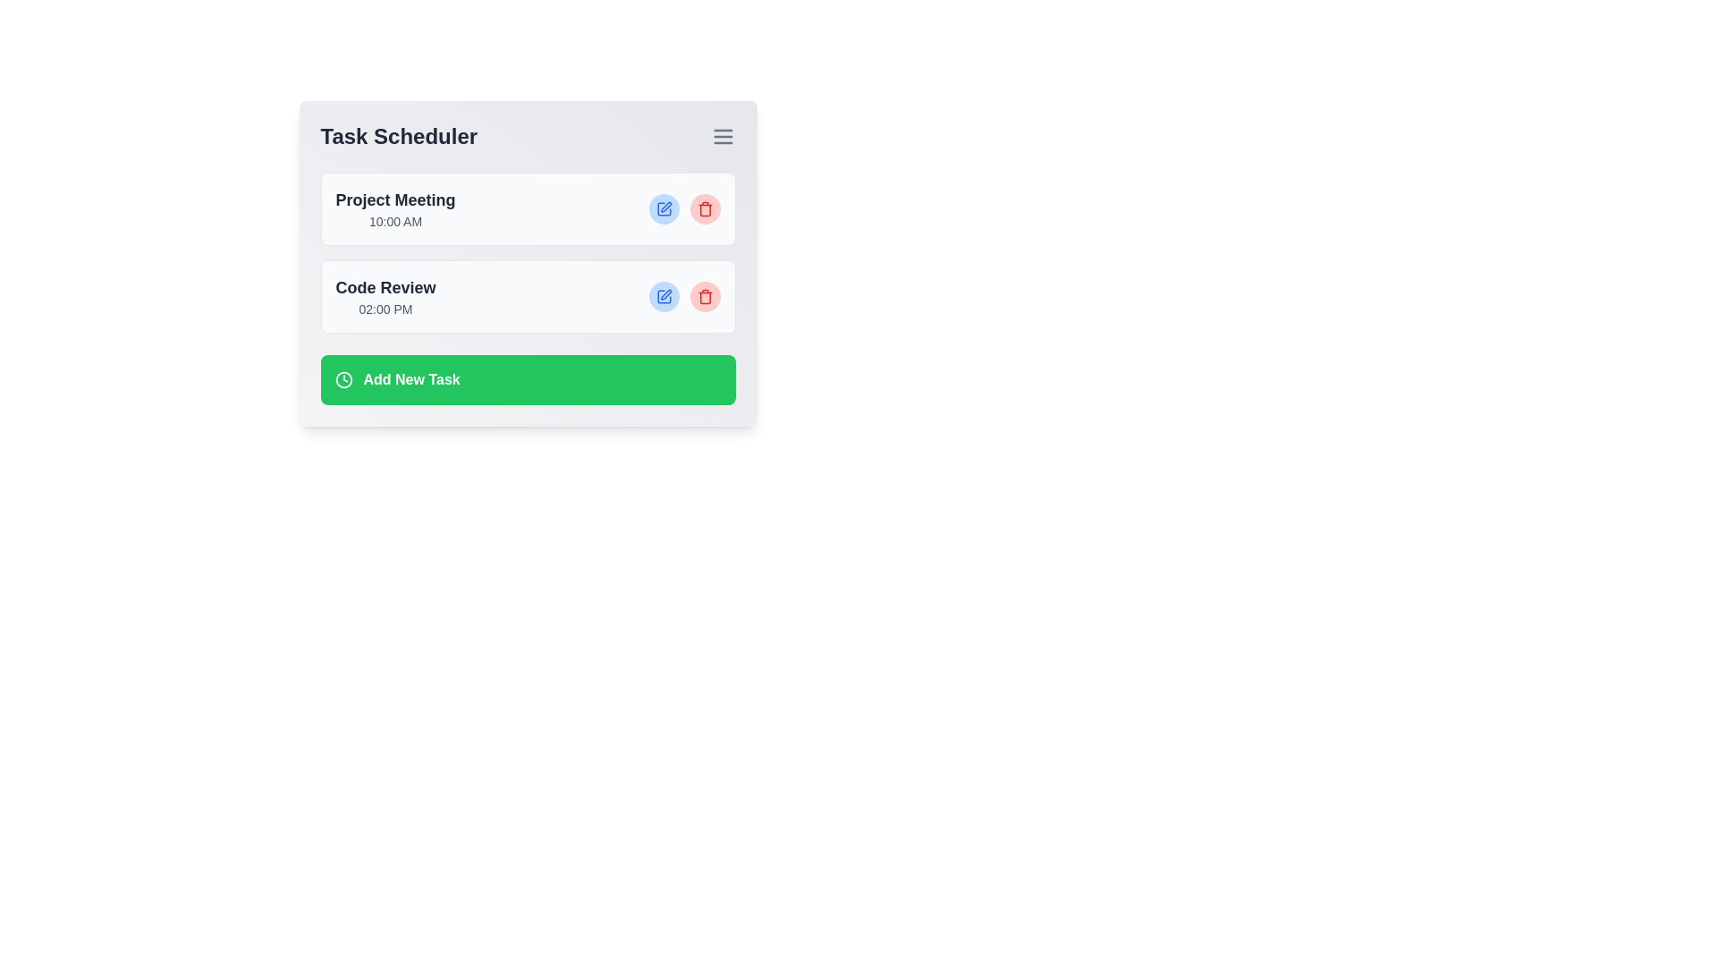 Image resolution: width=1717 pixels, height=966 pixels. I want to click on the text label displaying the time '10:00 AM', which is styled in a smaller gray font and located below the 'Project Meeting' text in the task scheduler interface, so click(394, 220).